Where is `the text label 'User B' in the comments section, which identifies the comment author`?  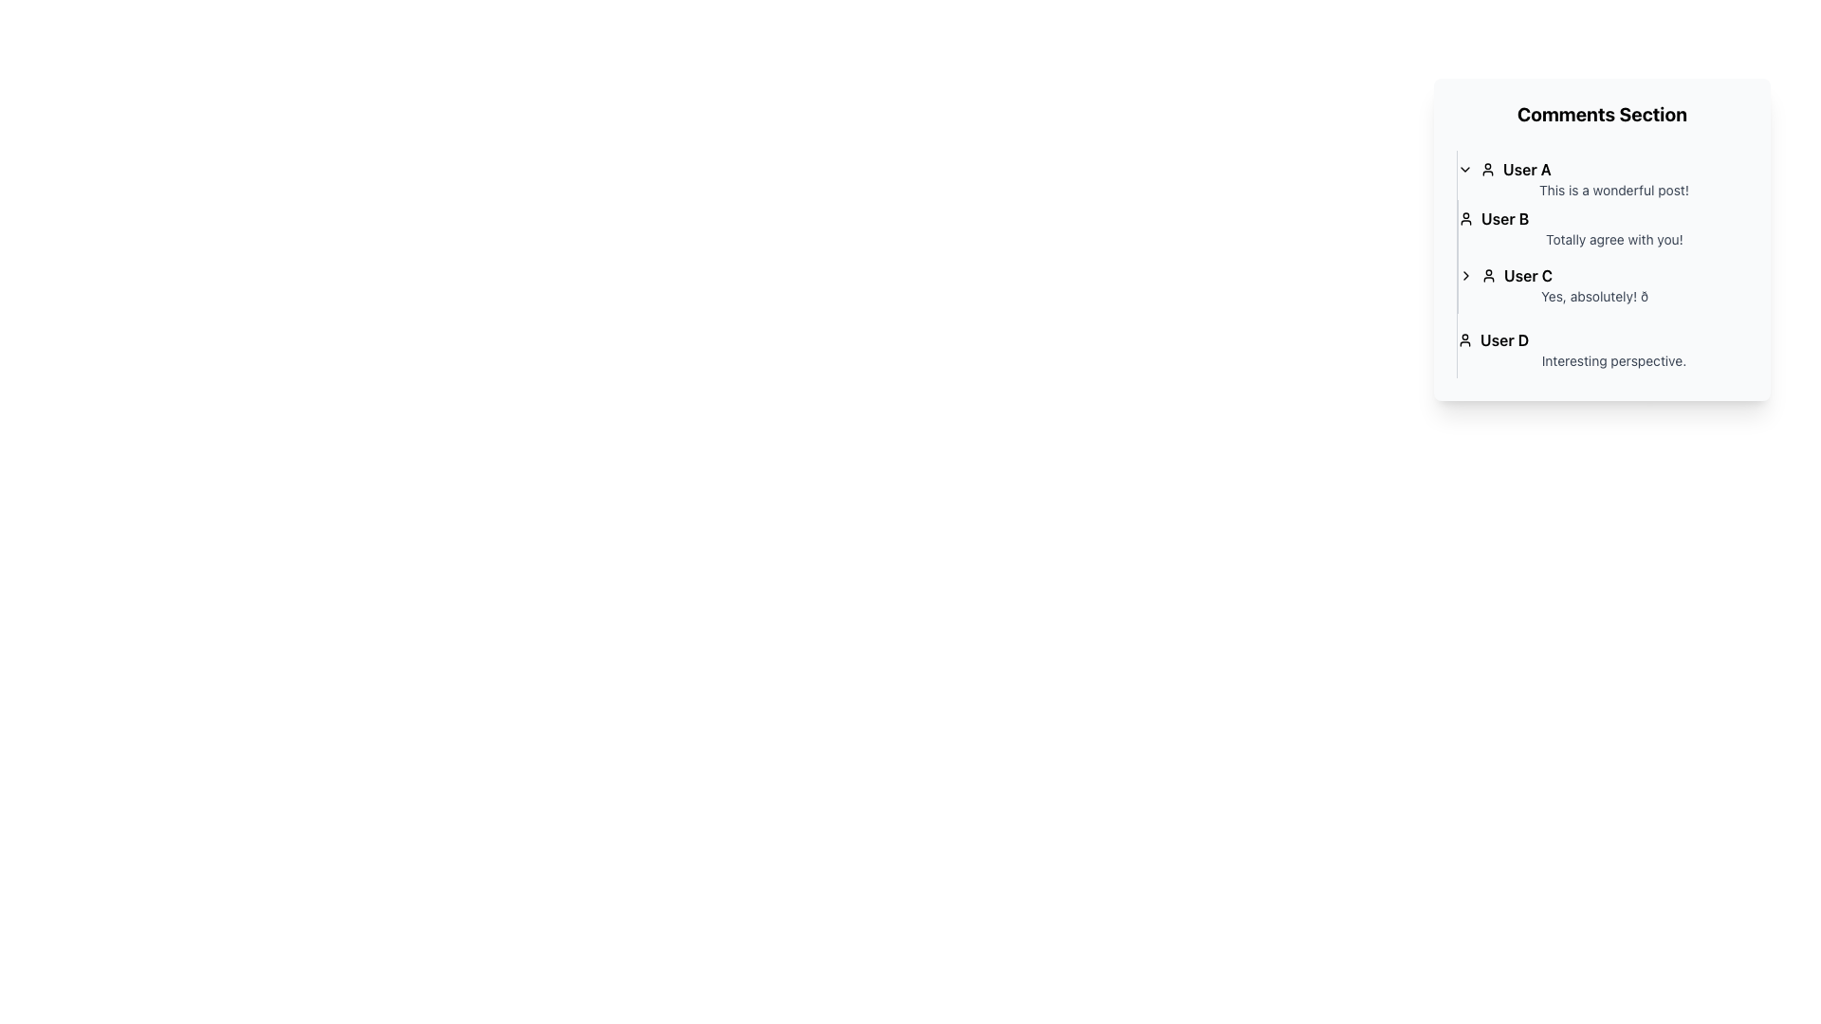 the text label 'User B' in the comments section, which identifies the comment author is located at coordinates (1504, 218).